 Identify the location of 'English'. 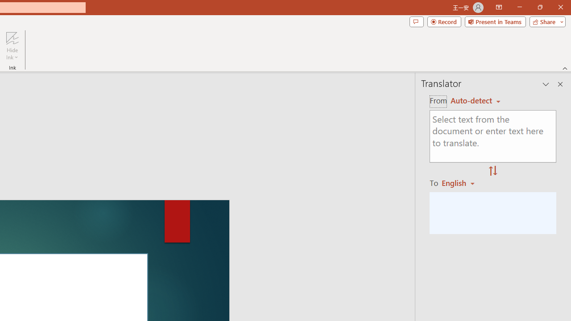
(461, 182).